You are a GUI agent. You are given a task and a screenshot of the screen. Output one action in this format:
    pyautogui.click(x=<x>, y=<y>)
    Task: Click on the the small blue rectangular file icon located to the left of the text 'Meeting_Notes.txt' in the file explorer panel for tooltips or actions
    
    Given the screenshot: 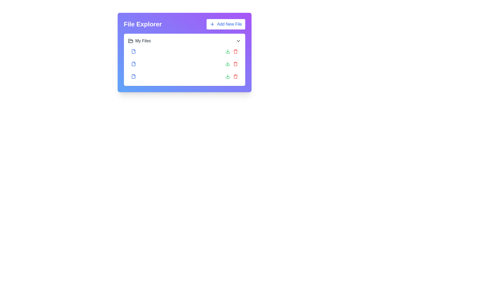 What is the action you would take?
    pyautogui.click(x=133, y=64)
    